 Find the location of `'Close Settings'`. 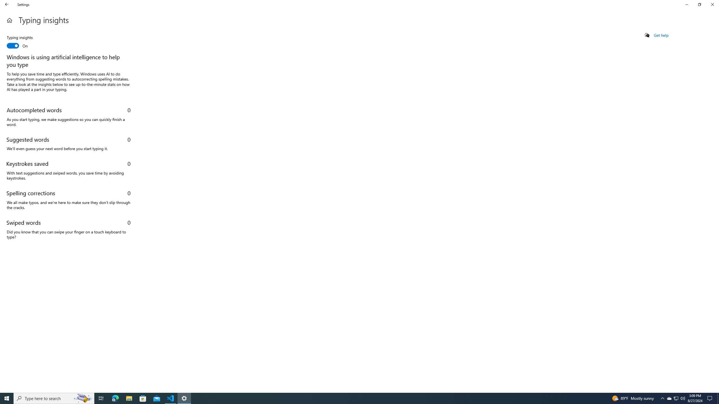

'Close Settings' is located at coordinates (712, 4).